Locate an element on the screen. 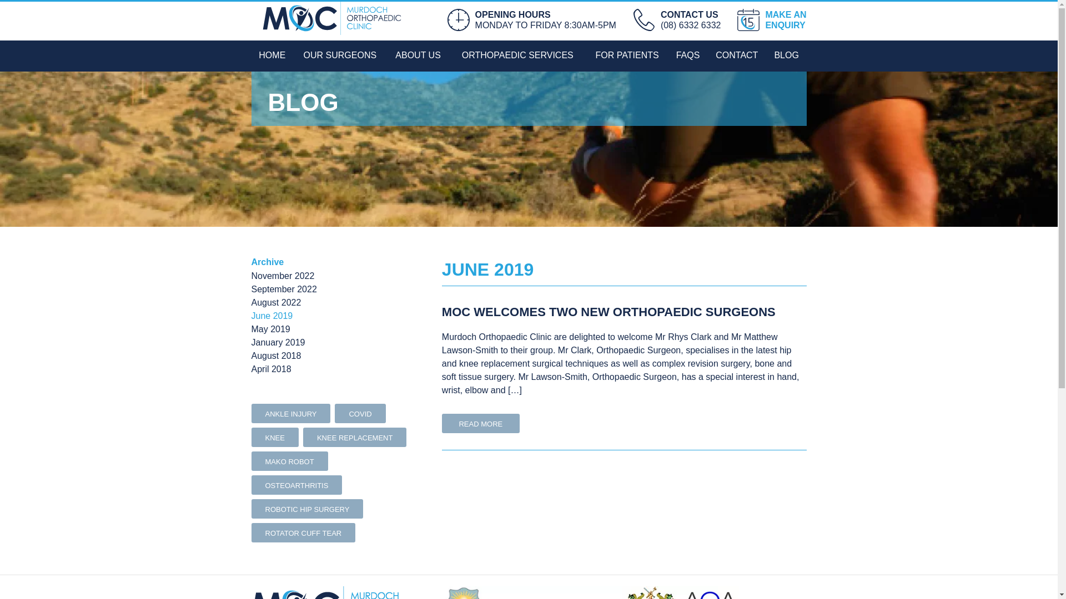 The image size is (1066, 599). 'November 2022' is located at coordinates (282, 275).